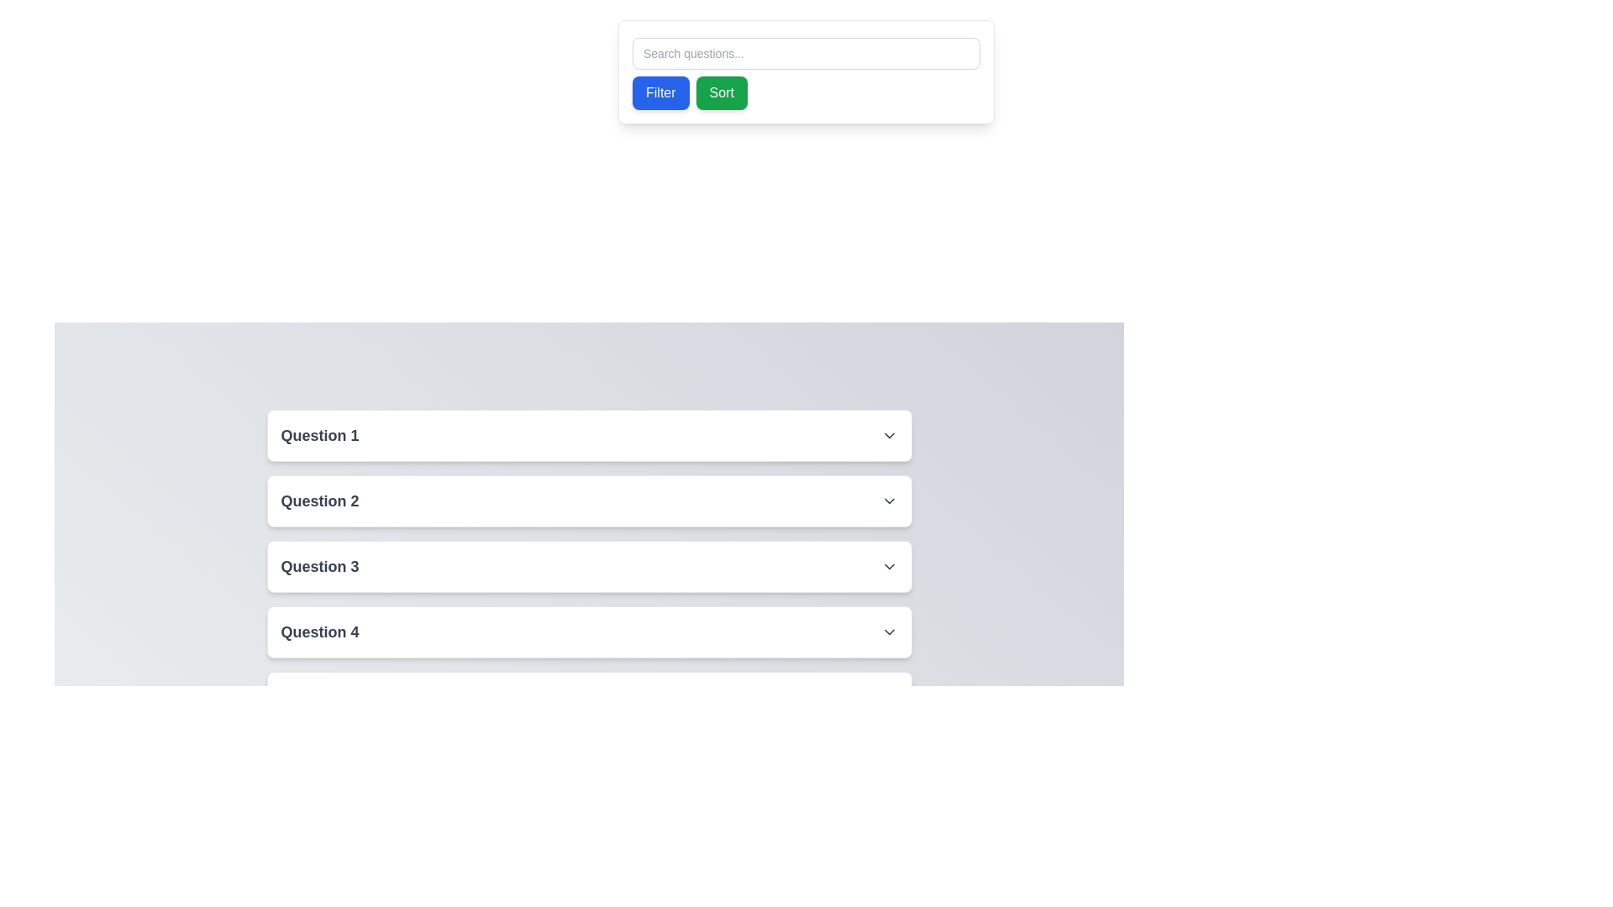  What do you see at coordinates (319, 501) in the screenshot?
I see `the text label displaying 'Question 2', which is bold, larger, and dark gray, located as the second item in a list of labeled sections` at bounding box center [319, 501].